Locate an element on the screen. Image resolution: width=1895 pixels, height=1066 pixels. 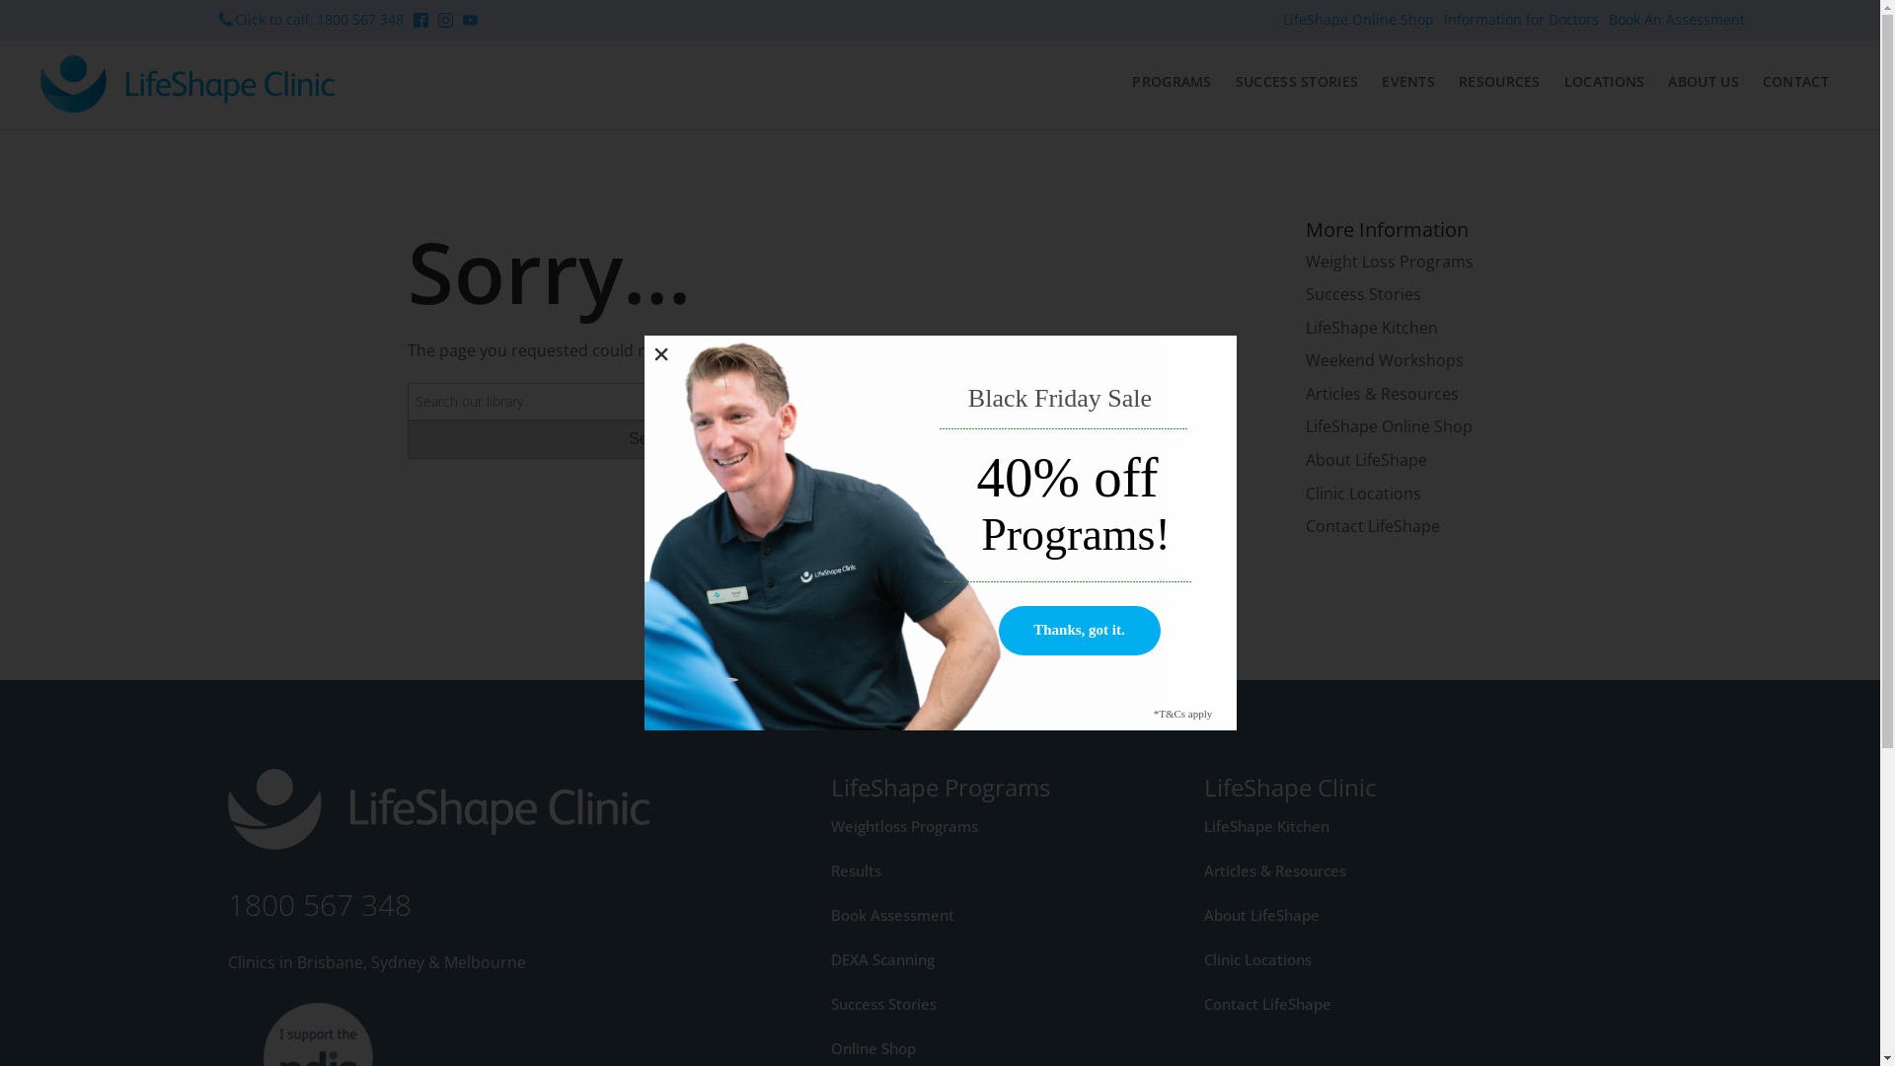
'Search' is located at coordinates (653, 437).